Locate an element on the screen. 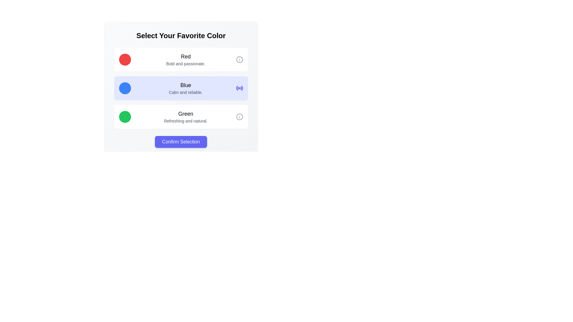 The height and width of the screenshot is (322, 573). the 'Confirm Selection' button with a vibrant indigo background is located at coordinates (181, 142).